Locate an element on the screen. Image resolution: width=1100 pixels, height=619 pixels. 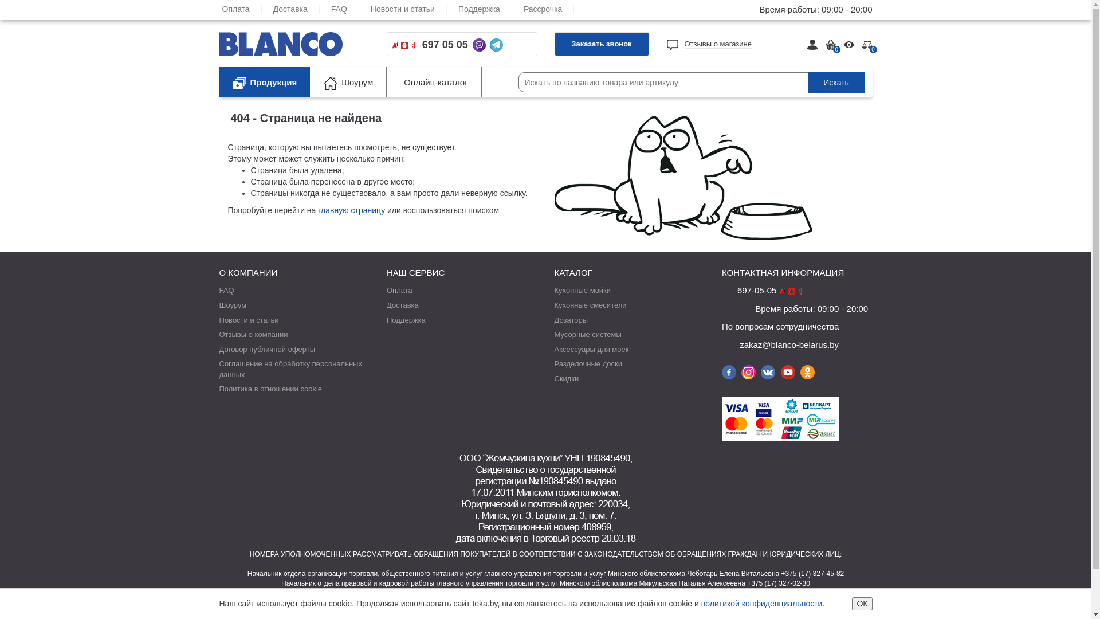
'FAQ' is located at coordinates (330, 9).